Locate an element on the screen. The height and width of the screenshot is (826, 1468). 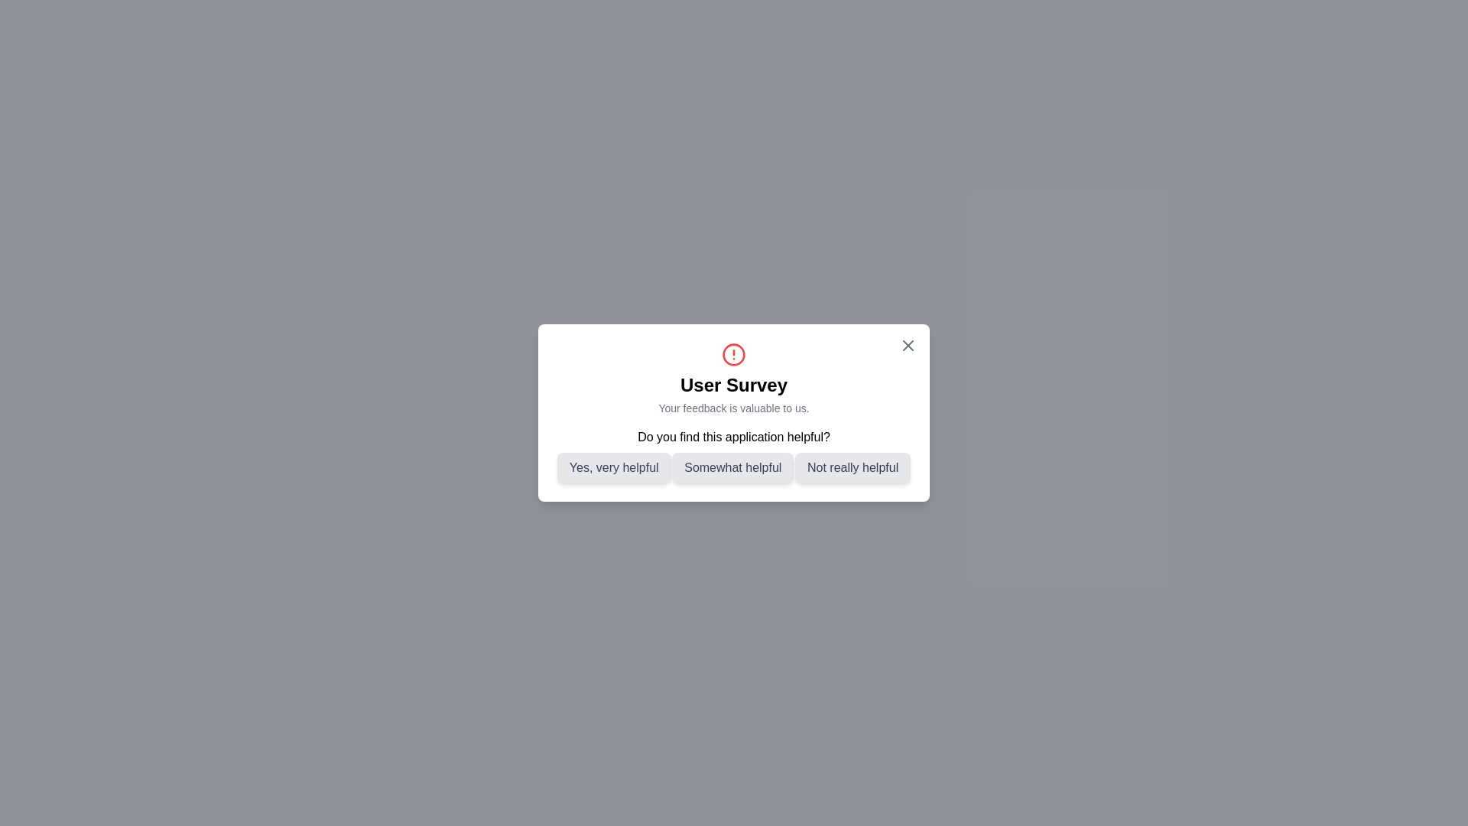
the diagonal cross (X) icon button located in the top-right corner of the floating modal box is located at coordinates (908, 345).